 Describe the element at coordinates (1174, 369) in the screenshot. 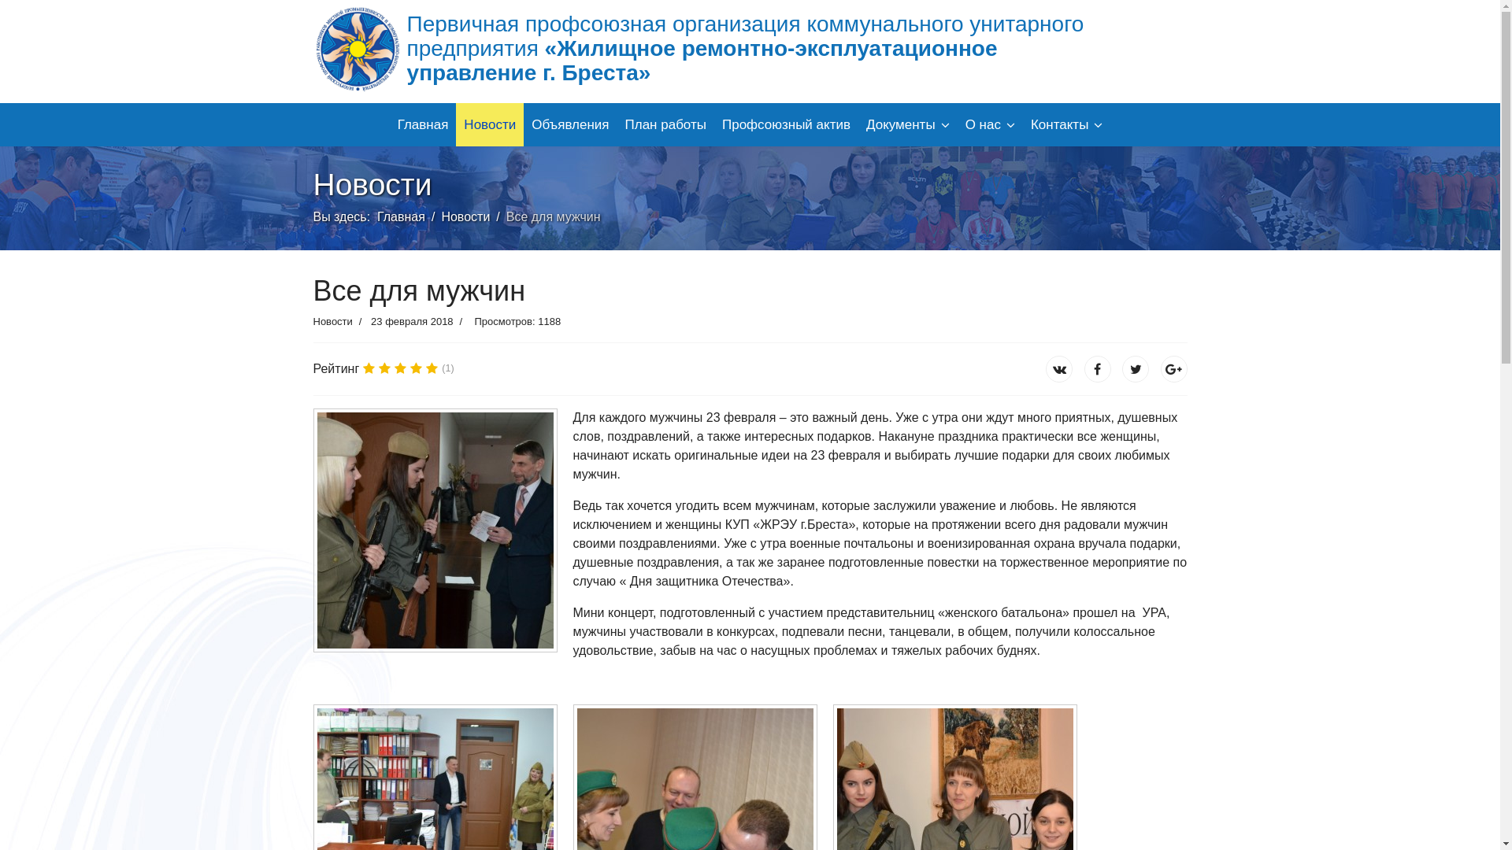

I see `'Google Plus'` at that location.